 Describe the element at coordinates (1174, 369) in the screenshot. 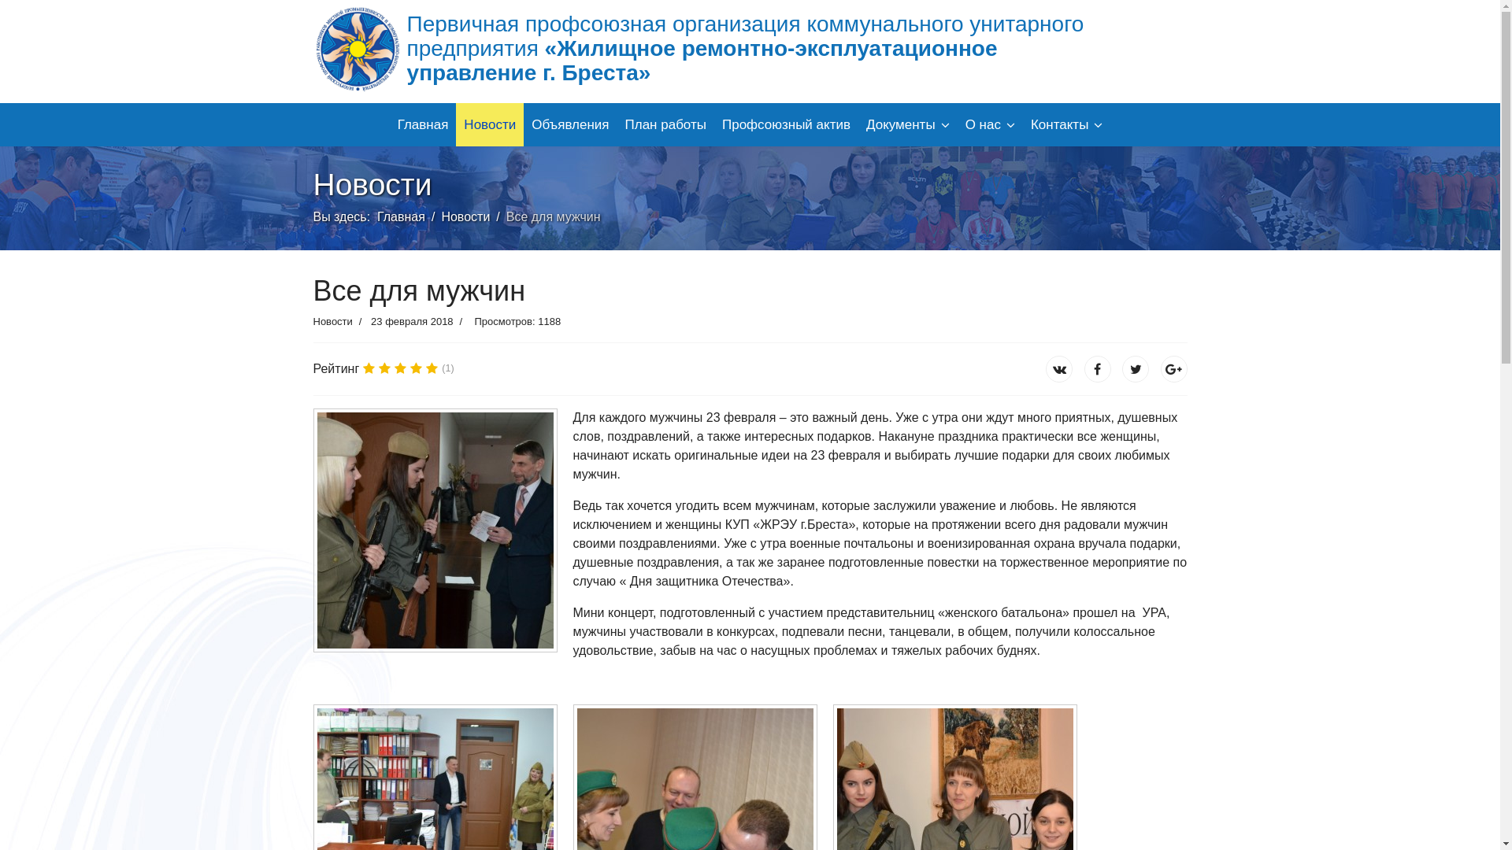

I see `'Google Plus'` at that location.